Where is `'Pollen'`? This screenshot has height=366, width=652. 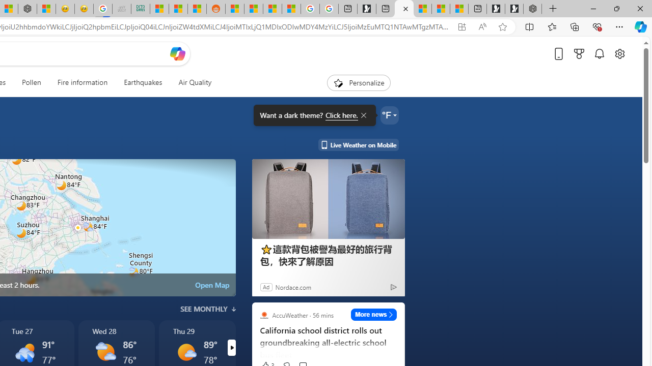
'Pollen' is located at coordinates (32, 82).